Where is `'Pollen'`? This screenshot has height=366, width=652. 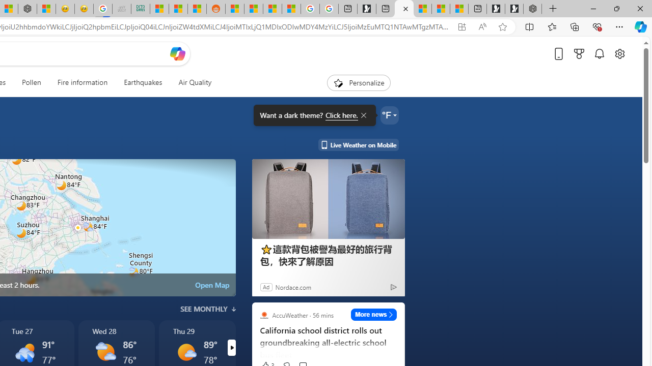
'Pollen' is located at coordinates (32, 82).